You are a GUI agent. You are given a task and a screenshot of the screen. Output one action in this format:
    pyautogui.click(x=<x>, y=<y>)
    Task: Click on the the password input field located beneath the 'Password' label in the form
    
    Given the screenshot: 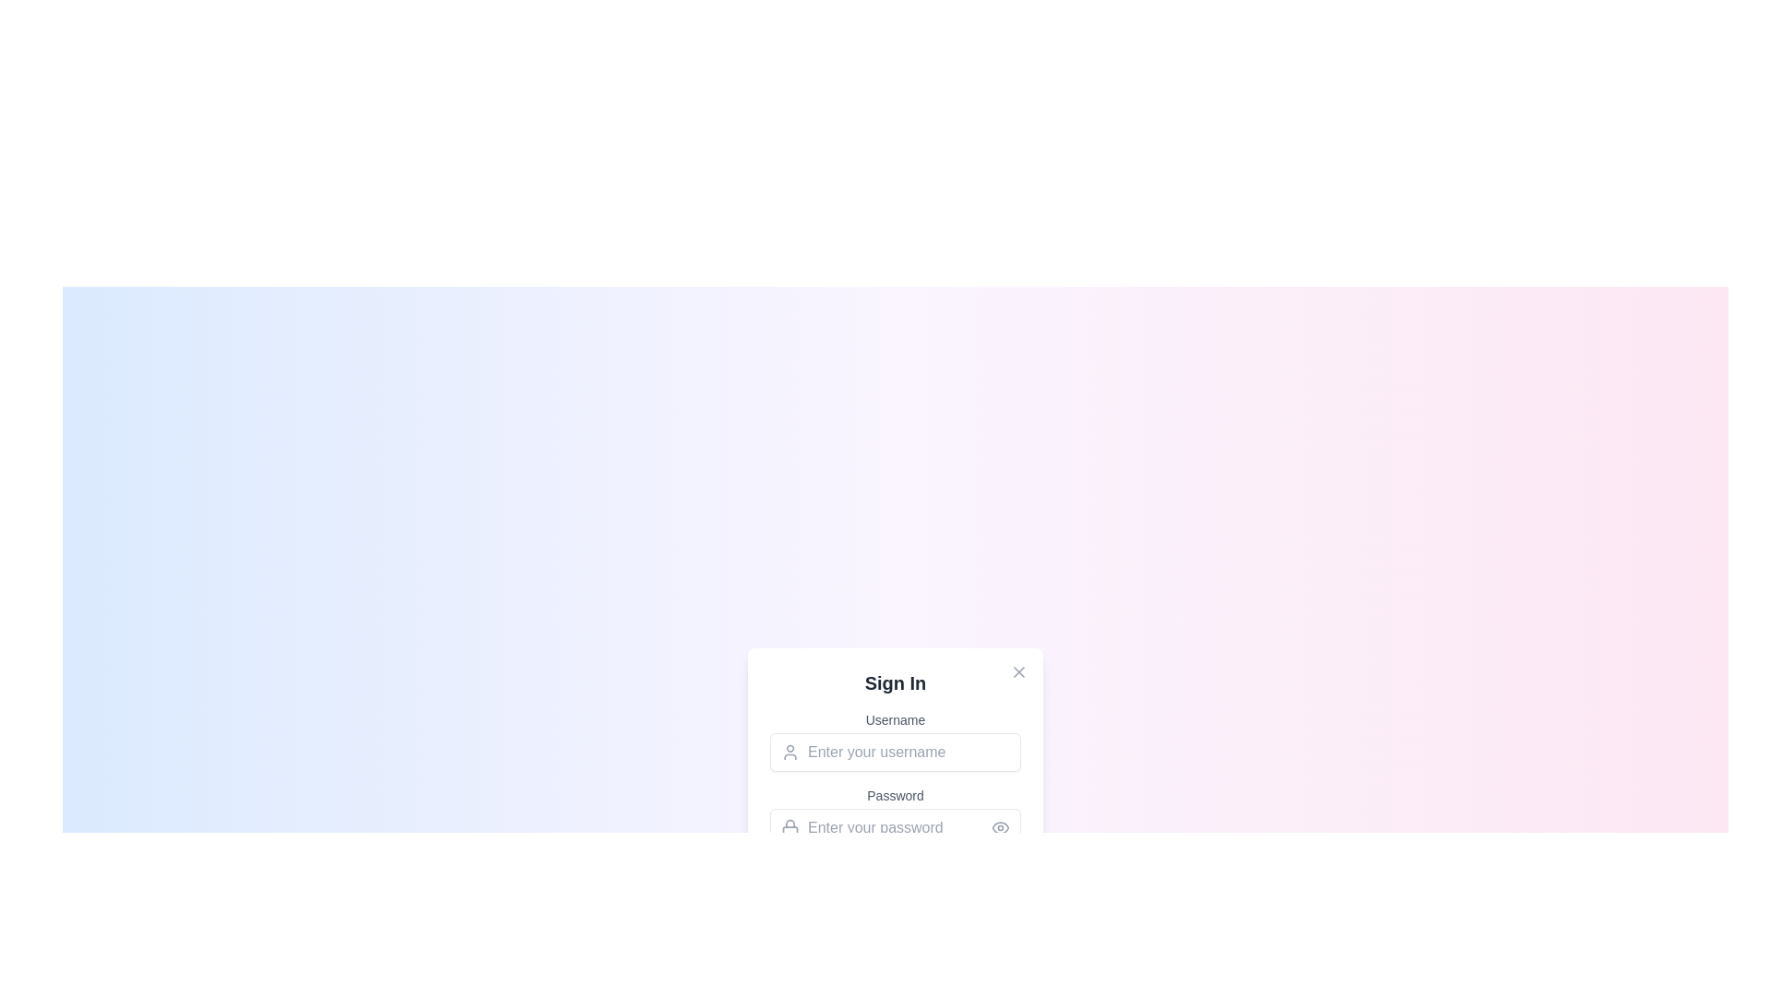 What is the action you would take?
    pyautogui.click(x=895, y=827)
    